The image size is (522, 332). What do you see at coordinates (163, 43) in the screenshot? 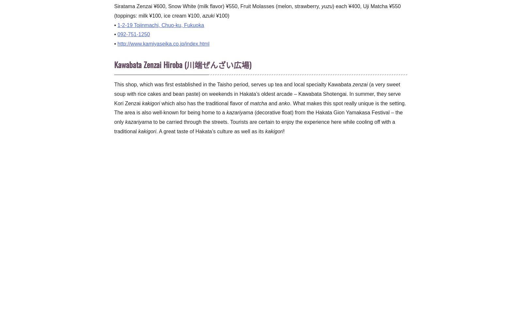
I see `'http://www.kamiyaseika.co.jp/index.html'` at bounding box center [163, 43].